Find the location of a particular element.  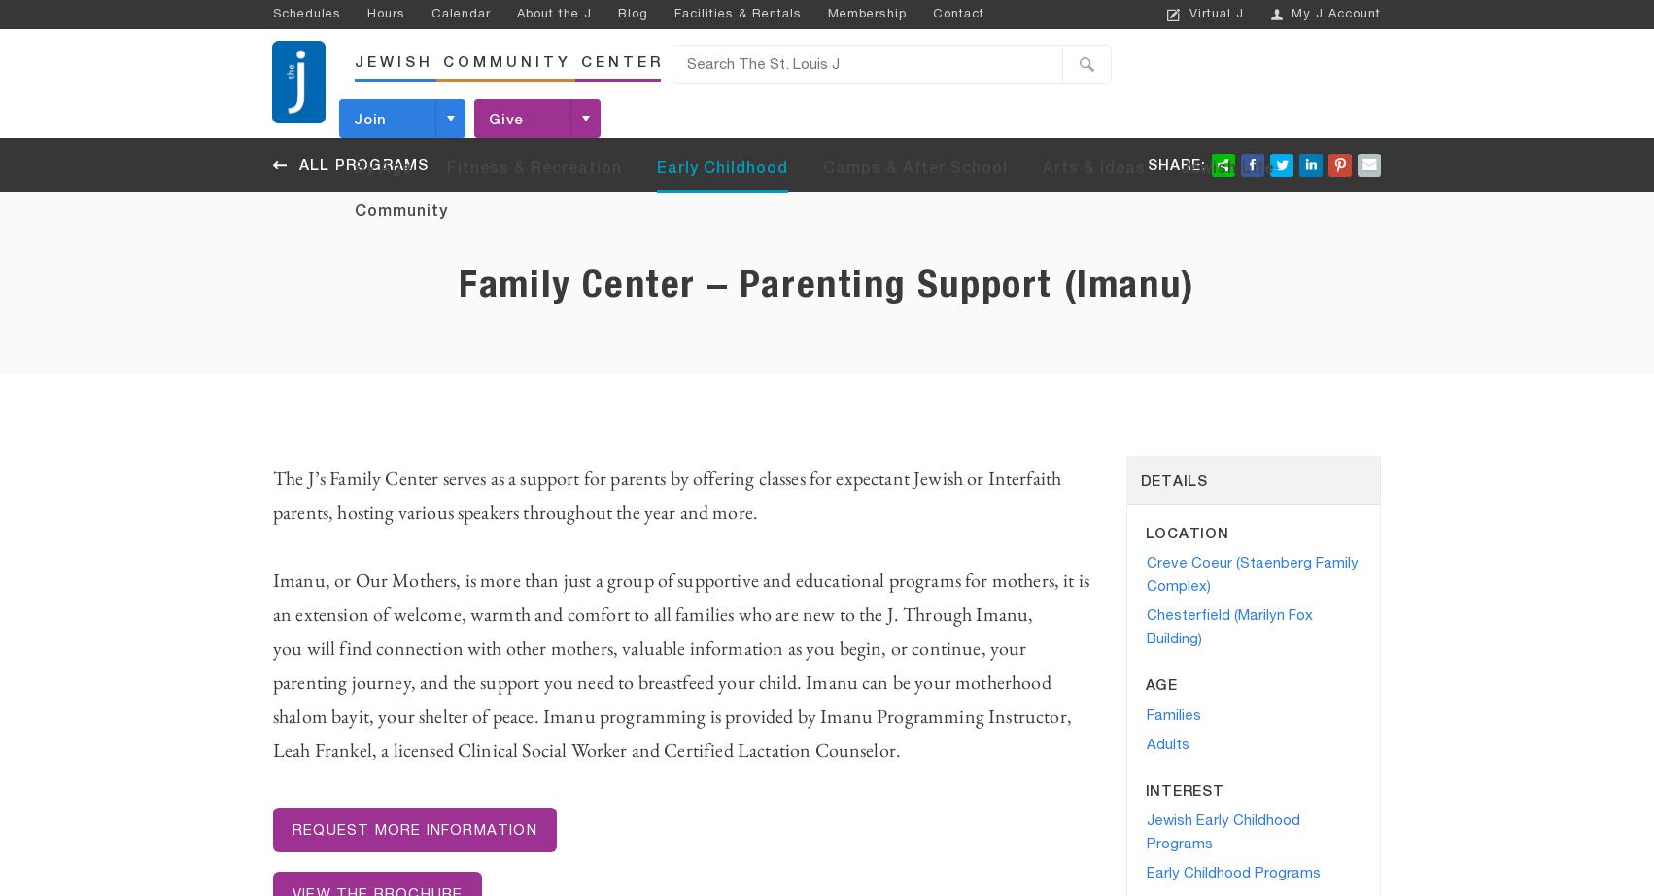

'Imanu, or Our Mothers, is more than just a group of supportive and educational programs for mothers, it is an extension of welcome, warmth and comfort to all families who are new to the J. Through Imanu, you will find connection with other mothers, valuable information as you begin, or continue, your parenting journey, and the support you need to breastfeed your child. Imanu can be your motherhood shalom bayit, your shelter of peace. Imanu programming is provided by Imanu Programming Instructor, Leah Frankel, a licensed Clinical Social Worker and Certified Lactation Counselor.' is located at coordinates (680, 665).